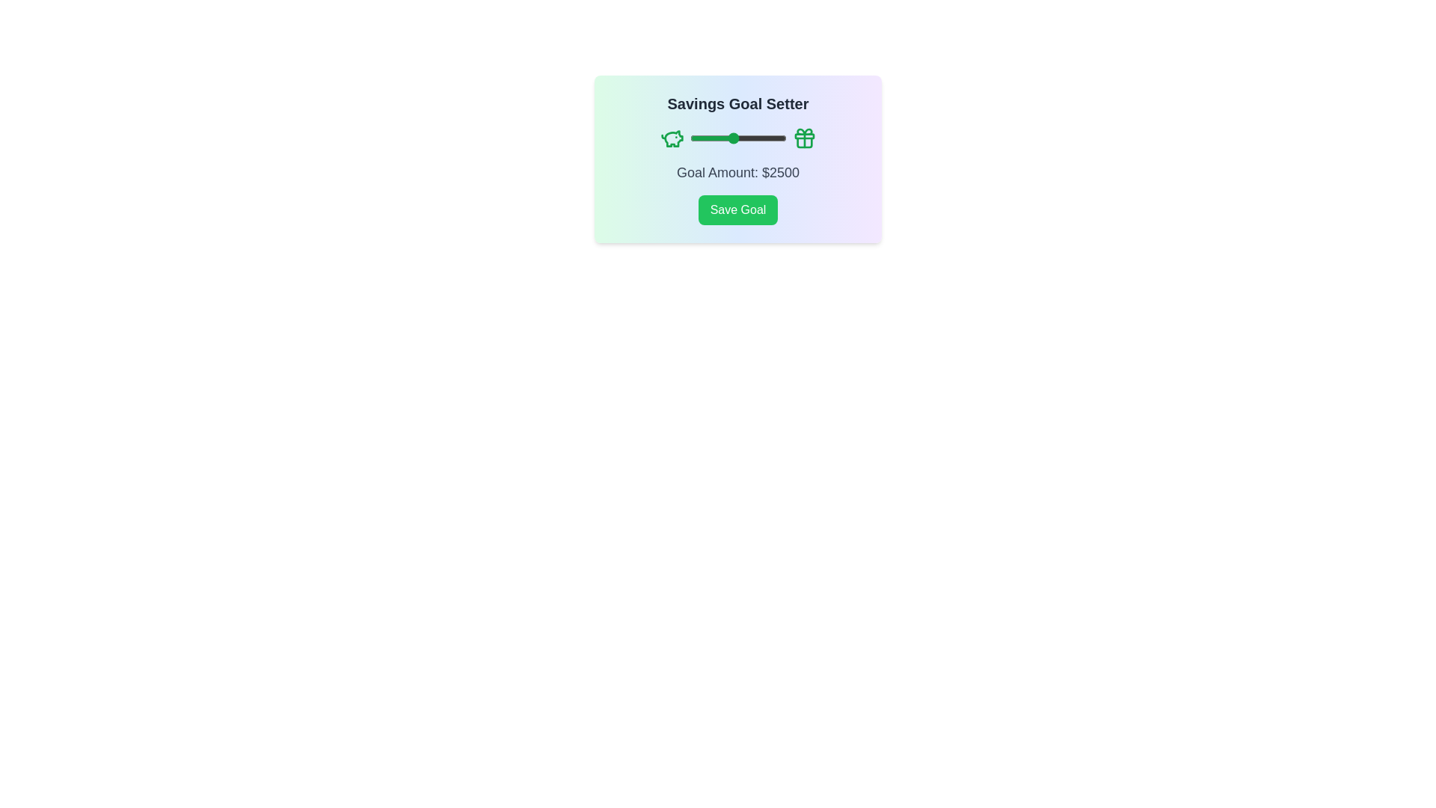  I want to click on the savings goal slider to 954 by dragging it, so click(699, 138).